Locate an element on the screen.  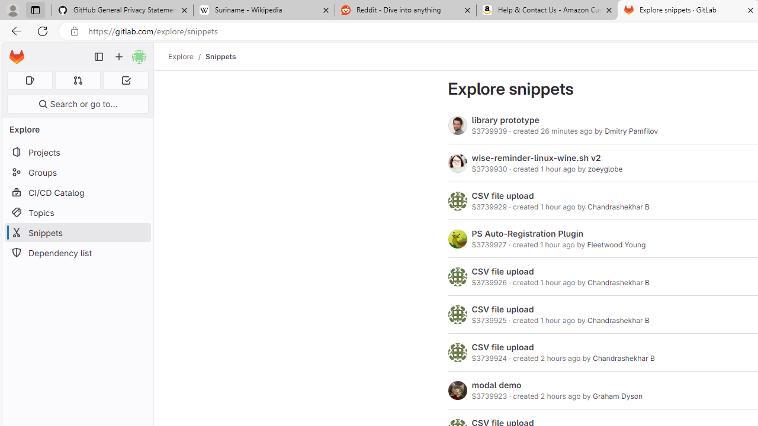
'Snippets' is located at coordinates (221, 56).